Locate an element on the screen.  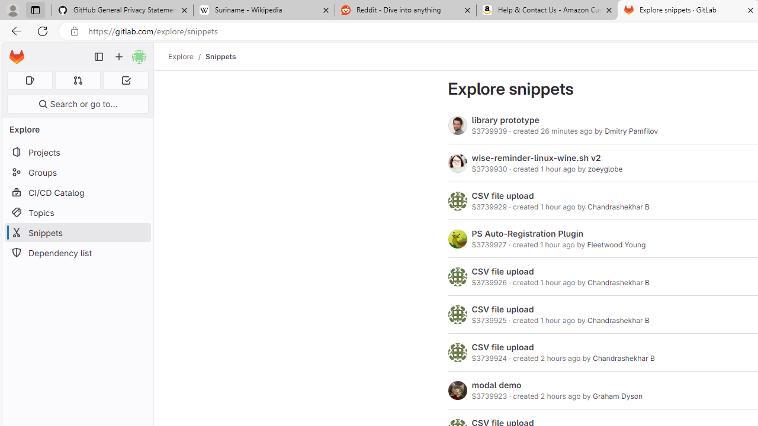
'Snippets' is located at coordinates (221, 56).